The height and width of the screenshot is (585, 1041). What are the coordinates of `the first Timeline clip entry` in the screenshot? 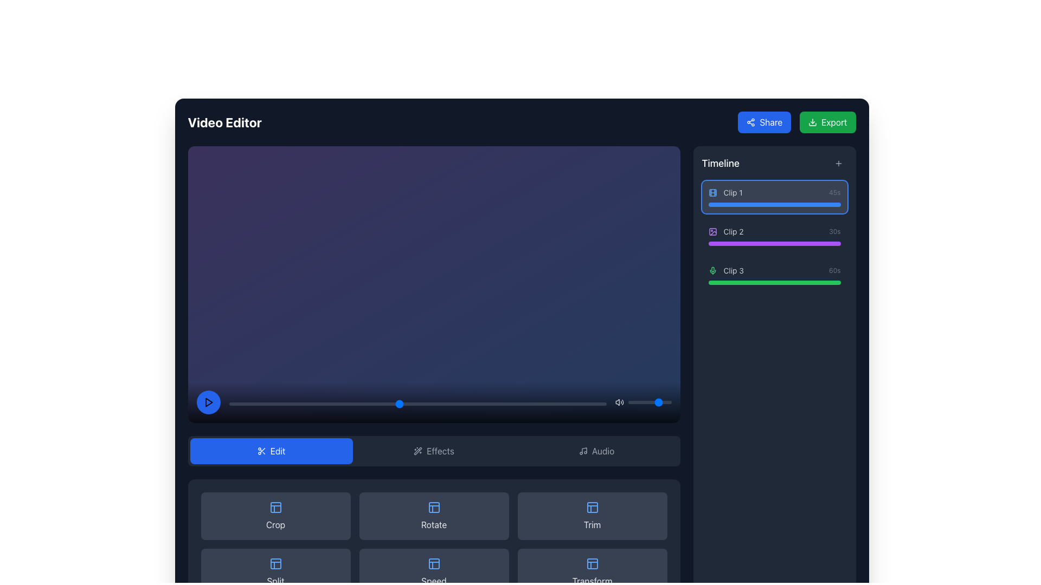 It's located at (774, 192).